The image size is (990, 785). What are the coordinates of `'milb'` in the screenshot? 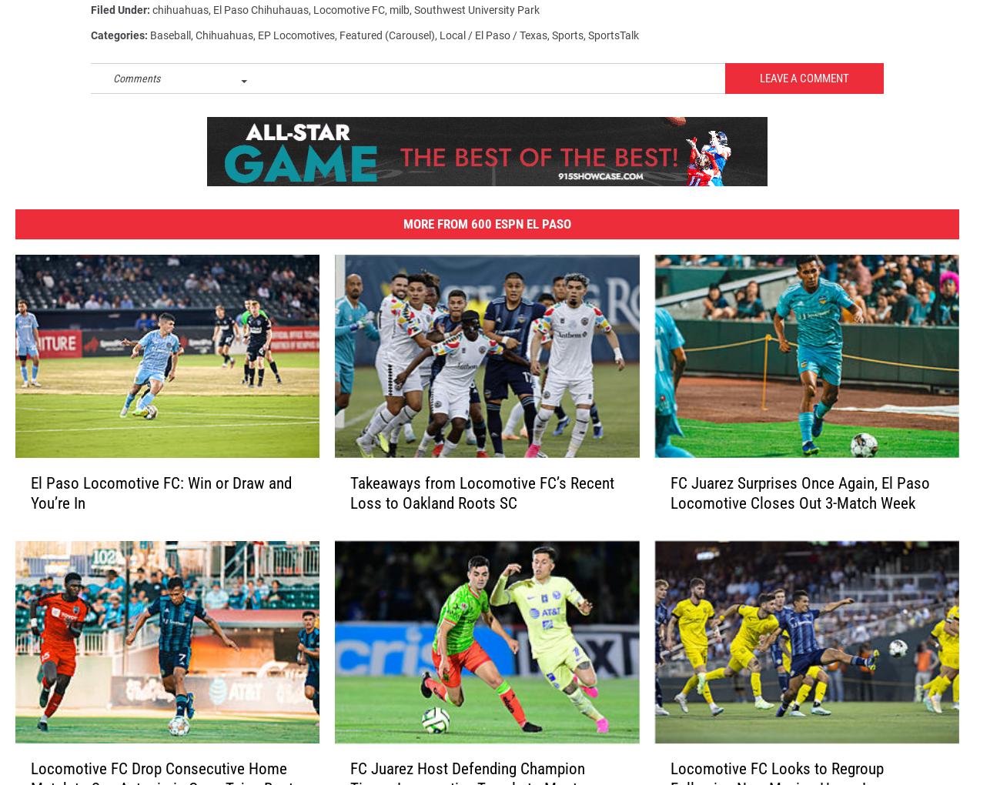 It's located at (399, 16).